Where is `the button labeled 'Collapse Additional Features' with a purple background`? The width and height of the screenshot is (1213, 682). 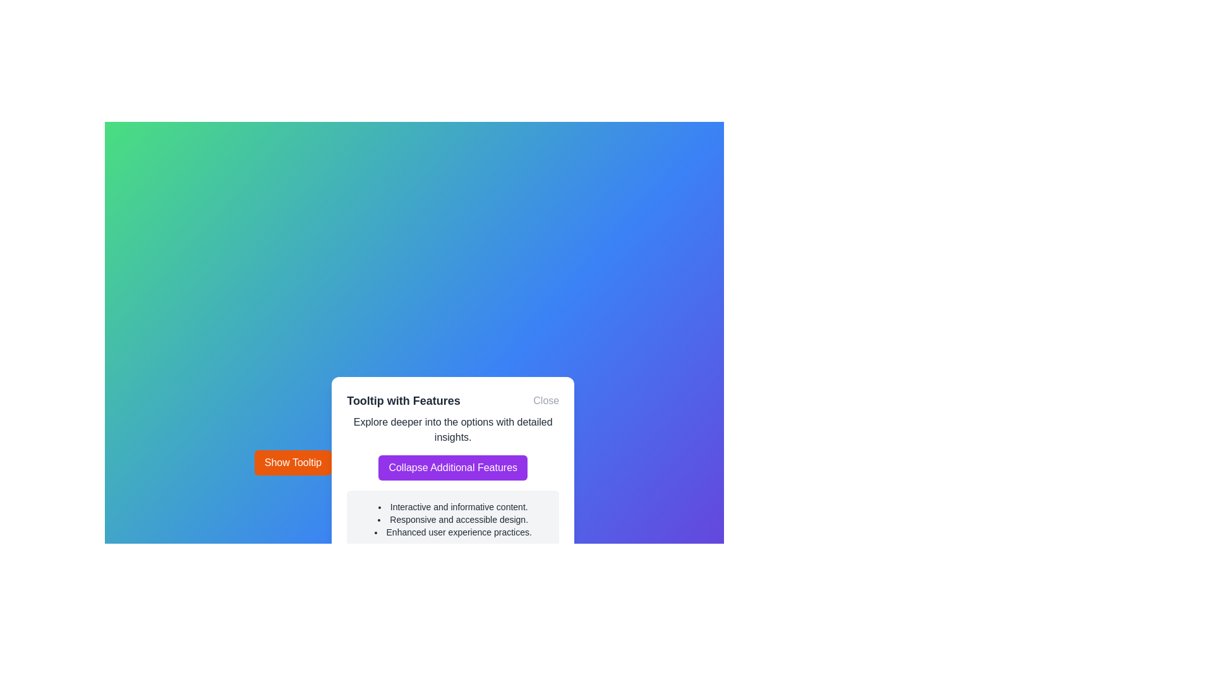 the button labeled 'Collapse Additional Features' with a purple background is located at coordinates (453, 470).